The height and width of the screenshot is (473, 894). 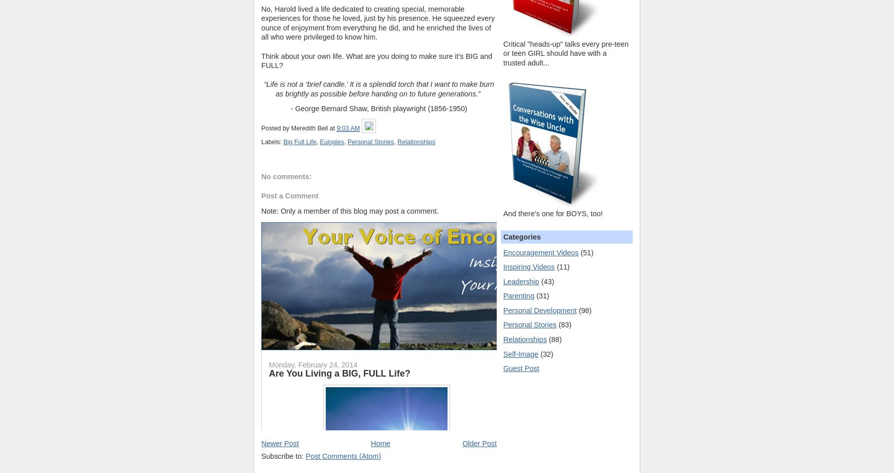 What do you see at coordinates (541, 281) in the screenshot?
I see `'(43)'` at bounding box center [541, 281].